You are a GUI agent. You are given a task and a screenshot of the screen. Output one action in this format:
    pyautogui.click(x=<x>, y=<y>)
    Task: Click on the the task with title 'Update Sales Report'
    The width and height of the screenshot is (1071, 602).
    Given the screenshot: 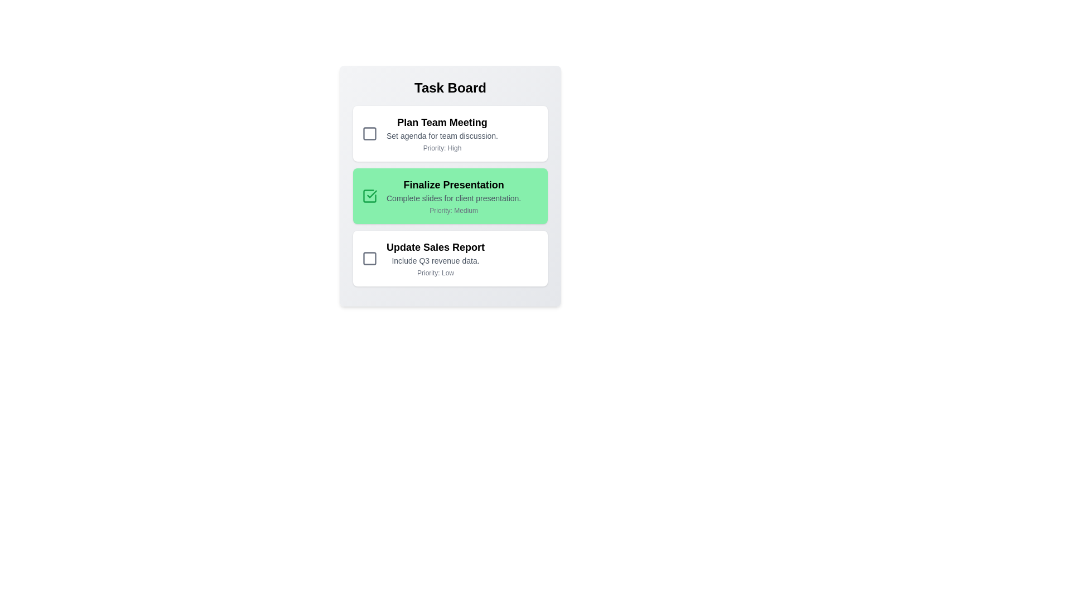 What is the action you would take?
    pyautogui.click(x=450, y=258)
    